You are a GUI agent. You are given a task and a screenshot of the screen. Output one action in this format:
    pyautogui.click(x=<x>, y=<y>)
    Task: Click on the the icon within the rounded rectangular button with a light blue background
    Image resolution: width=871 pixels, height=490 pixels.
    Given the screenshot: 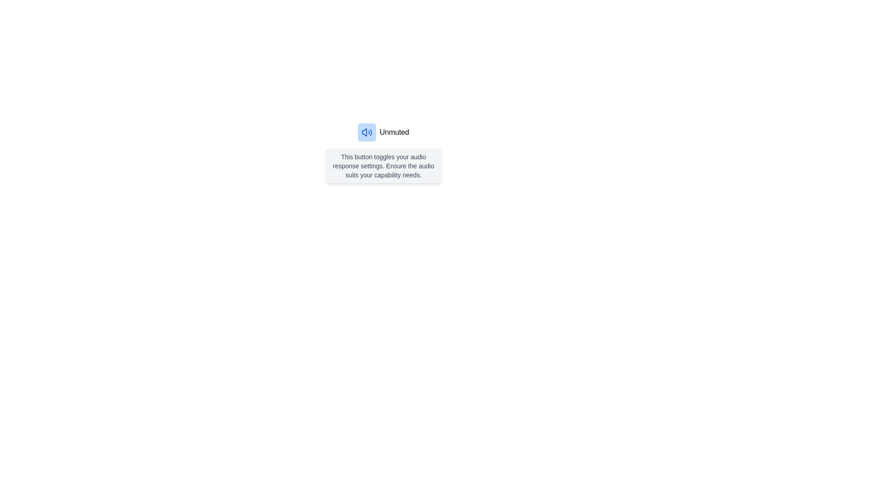 What is the action you would take?
    pyautogui.click(x=367, y=132)
    